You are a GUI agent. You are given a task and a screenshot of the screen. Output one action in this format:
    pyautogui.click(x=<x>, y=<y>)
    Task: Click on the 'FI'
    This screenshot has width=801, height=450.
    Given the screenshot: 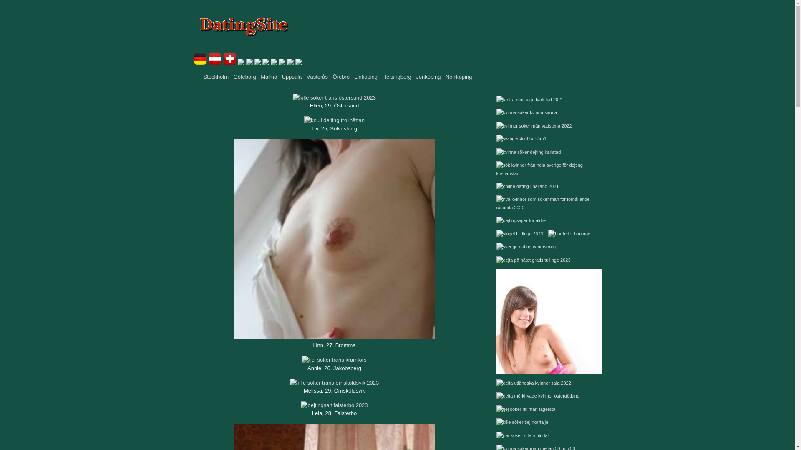 What is the action you would take?
    pyautogui.click(x=282, y=63)
    